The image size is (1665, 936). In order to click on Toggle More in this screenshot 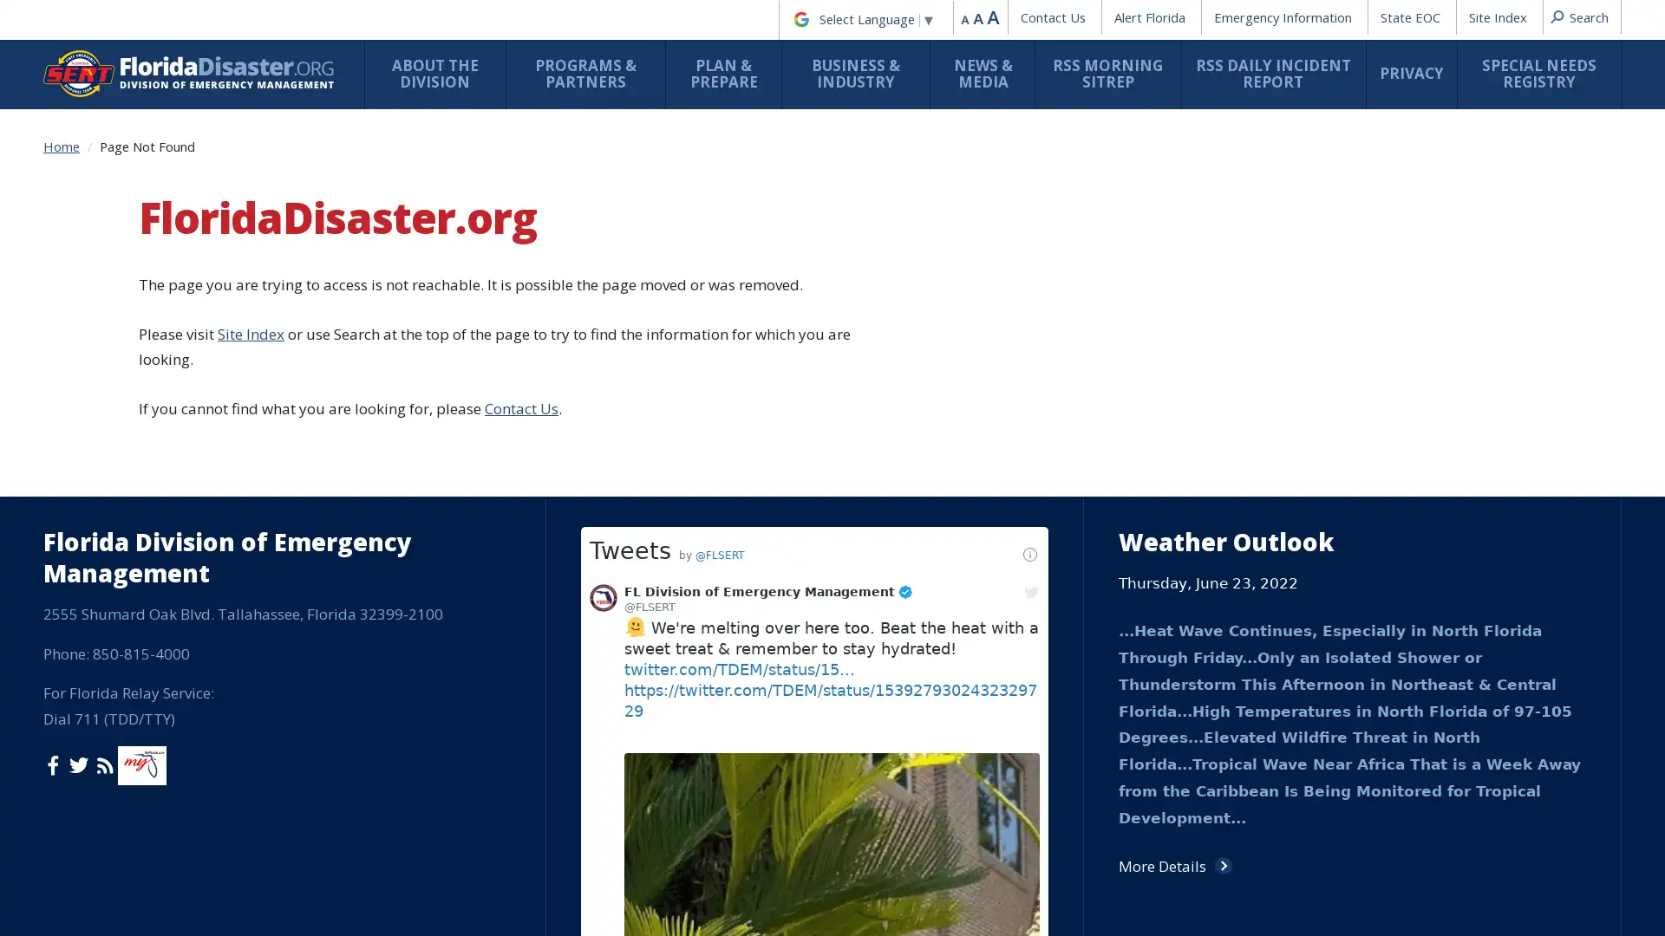, I will do `click(520, 436)`.